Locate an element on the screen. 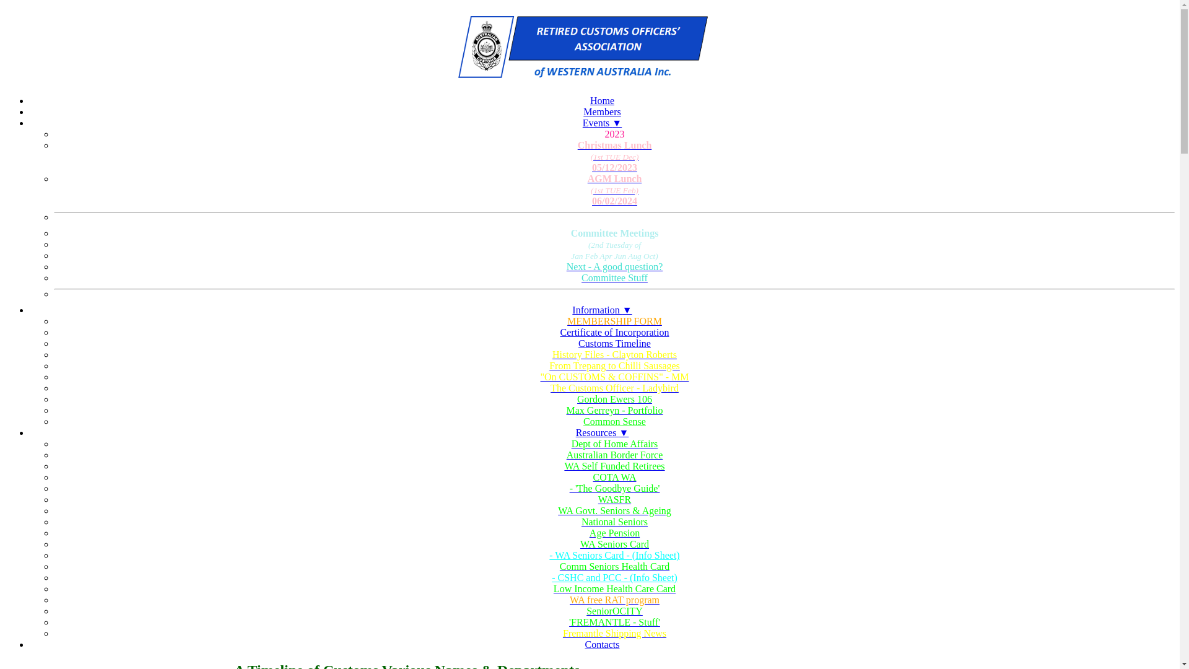  'MEMBERSHIP FORM' is located at coordinates (614, 321).